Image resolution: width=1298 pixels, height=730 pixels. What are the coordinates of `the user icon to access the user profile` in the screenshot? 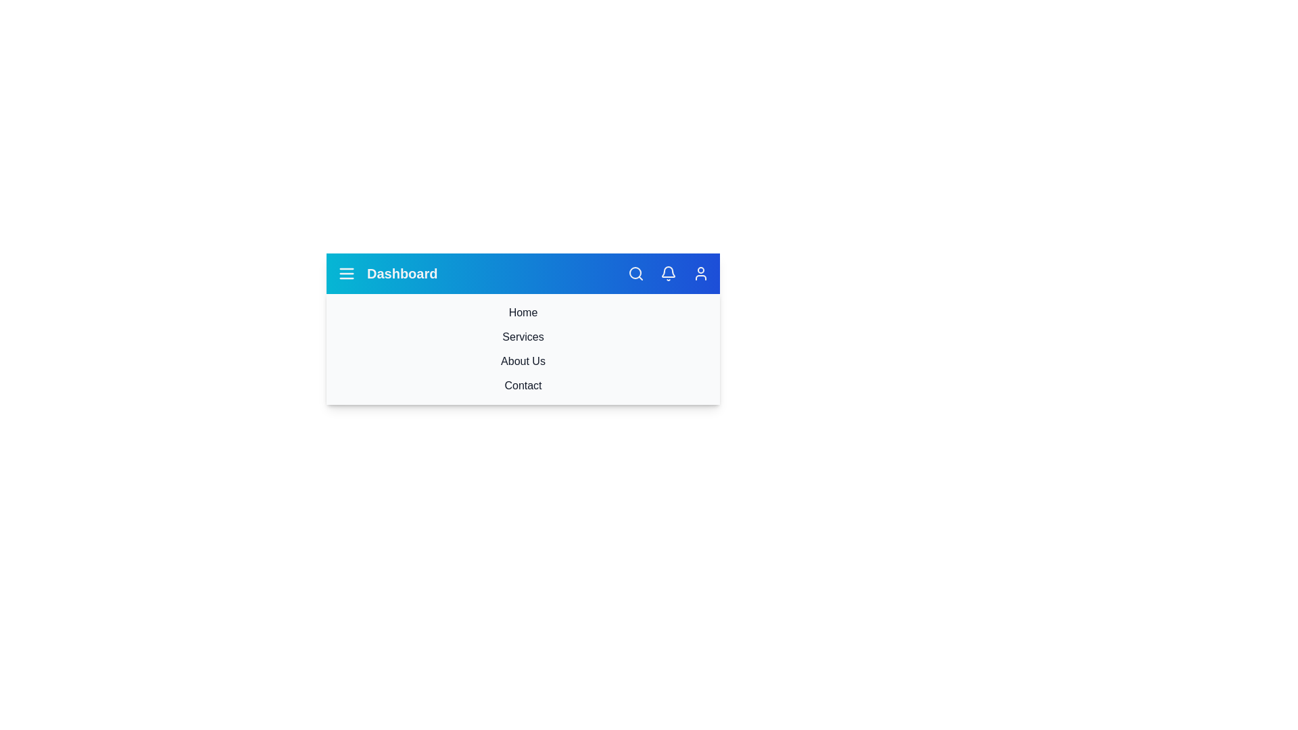 It's located at (700, 274).